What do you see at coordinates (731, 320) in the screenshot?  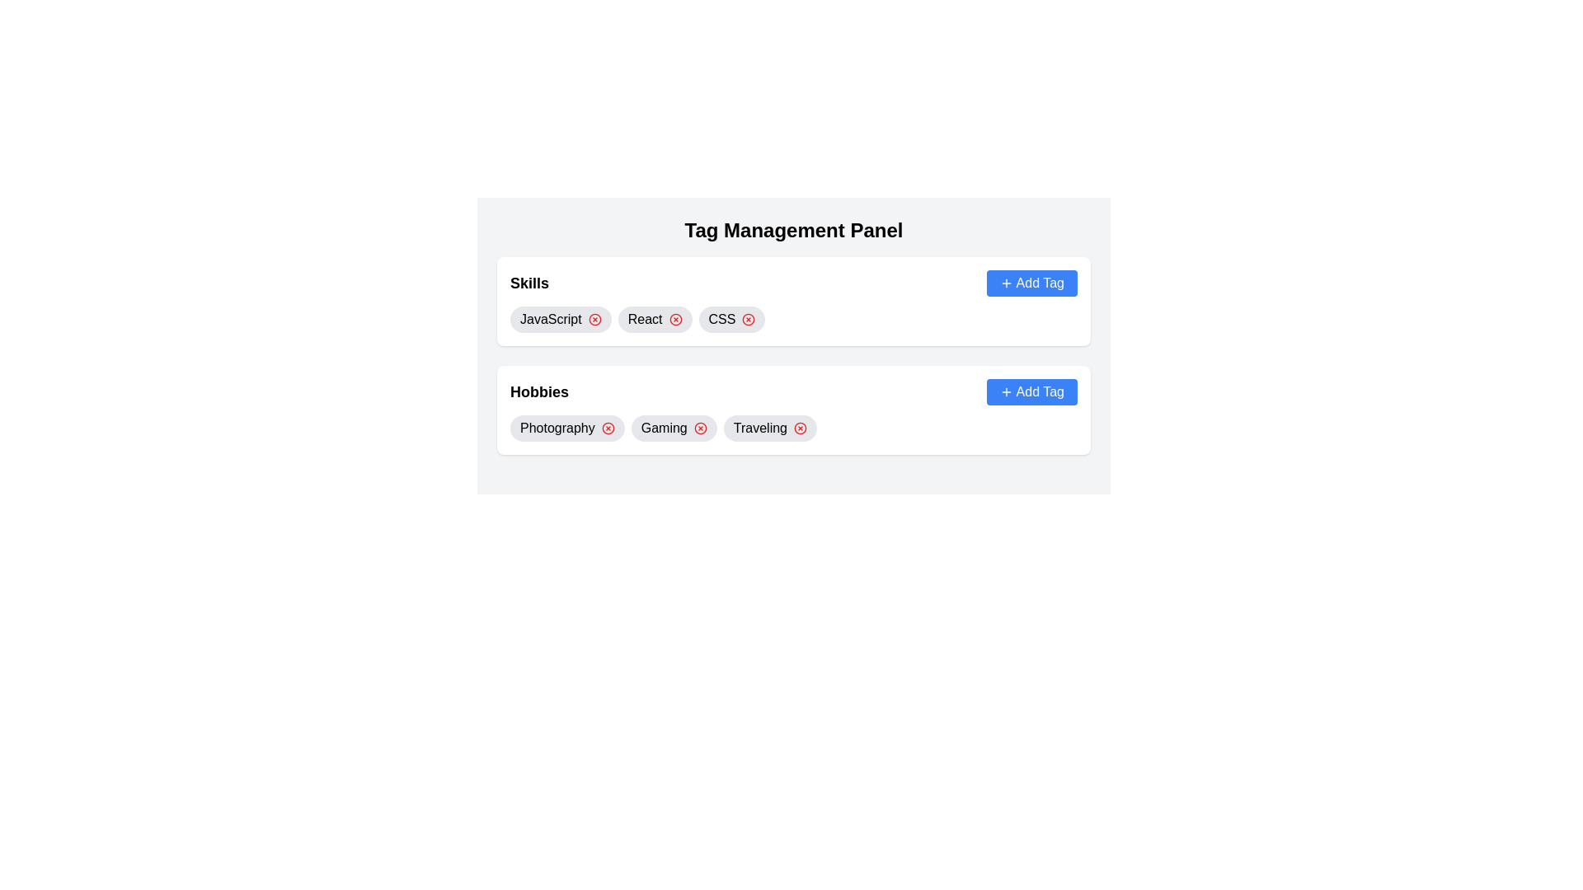 I see `the 'CSS' tag in the 'Skills' section of the 'Tag Management Panel'` at bounding box center [731, 320].